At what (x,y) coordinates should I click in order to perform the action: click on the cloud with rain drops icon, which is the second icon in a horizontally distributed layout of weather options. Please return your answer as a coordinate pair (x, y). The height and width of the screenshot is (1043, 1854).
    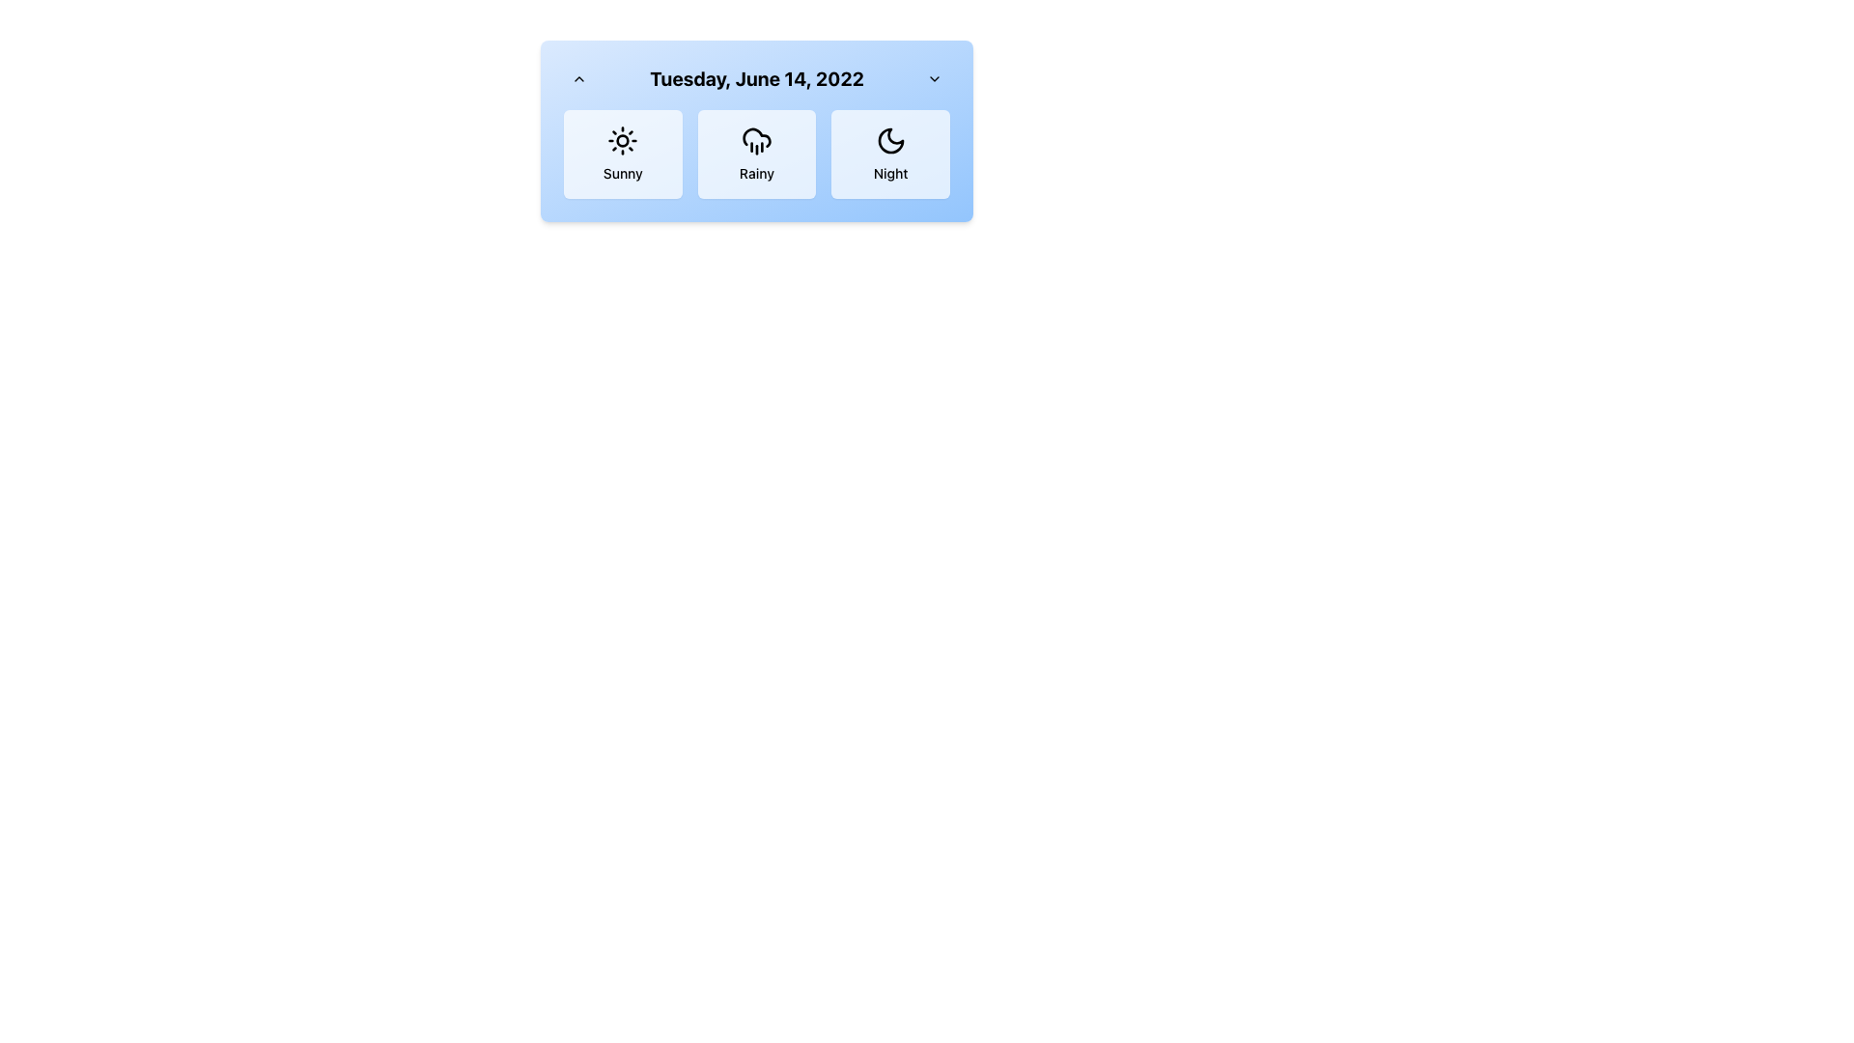
    Looking at the image, I should click on (755, 140).